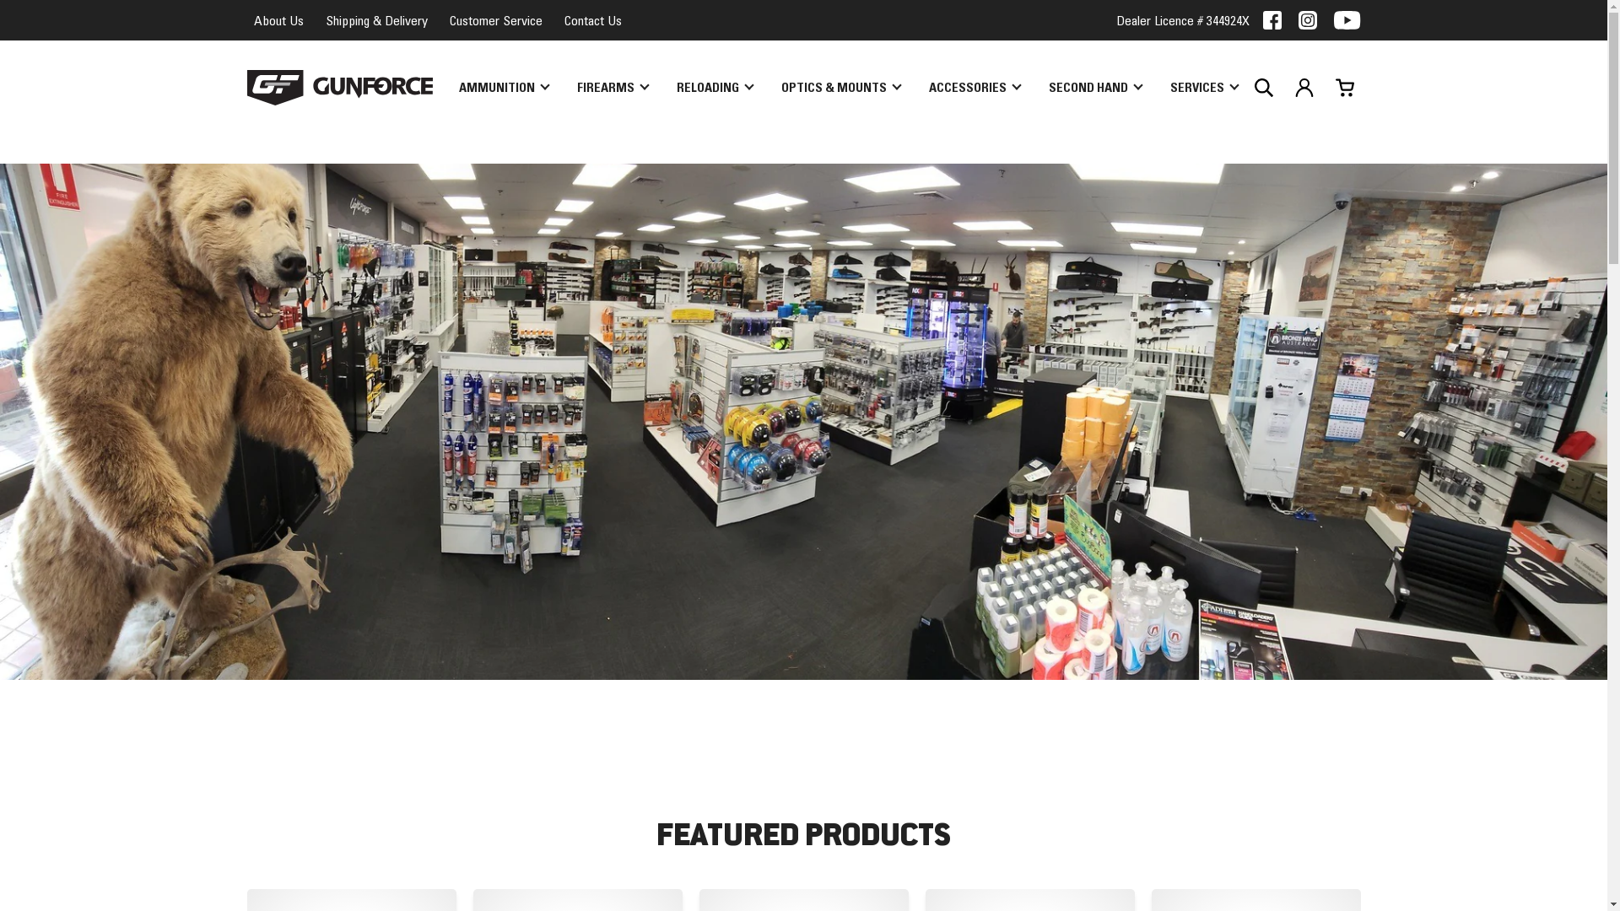 This screenshot has height=911, width=1620. I want to click on 'FIREARMS', so click(611, 88).